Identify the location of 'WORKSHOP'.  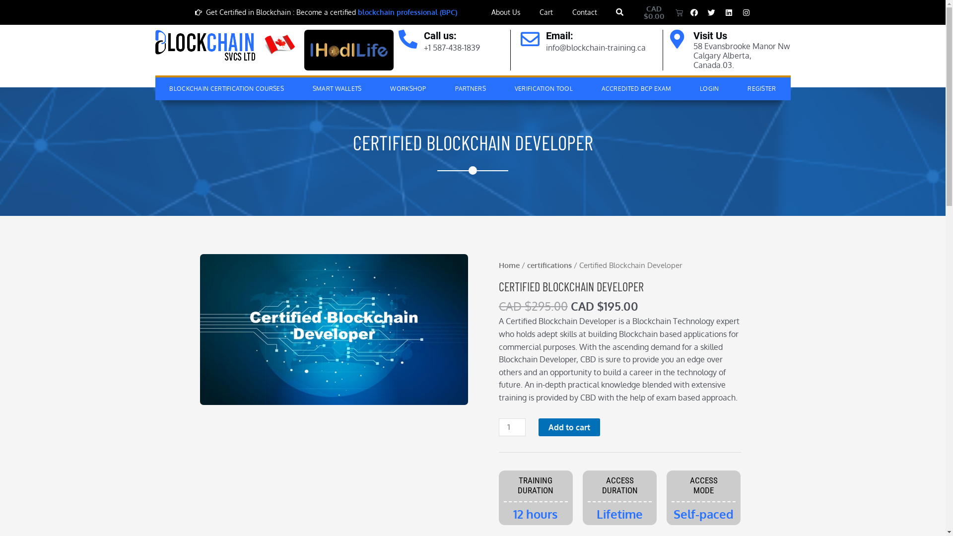
(408, 88).